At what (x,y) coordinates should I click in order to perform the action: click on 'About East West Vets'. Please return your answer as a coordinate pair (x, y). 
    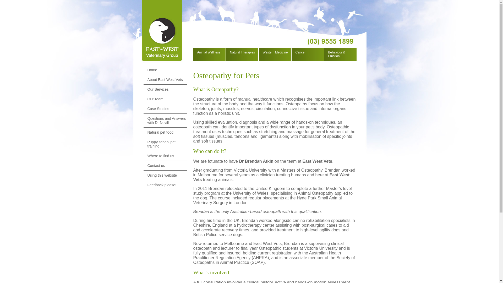
    Looking at the image, I should click on (165, 80).